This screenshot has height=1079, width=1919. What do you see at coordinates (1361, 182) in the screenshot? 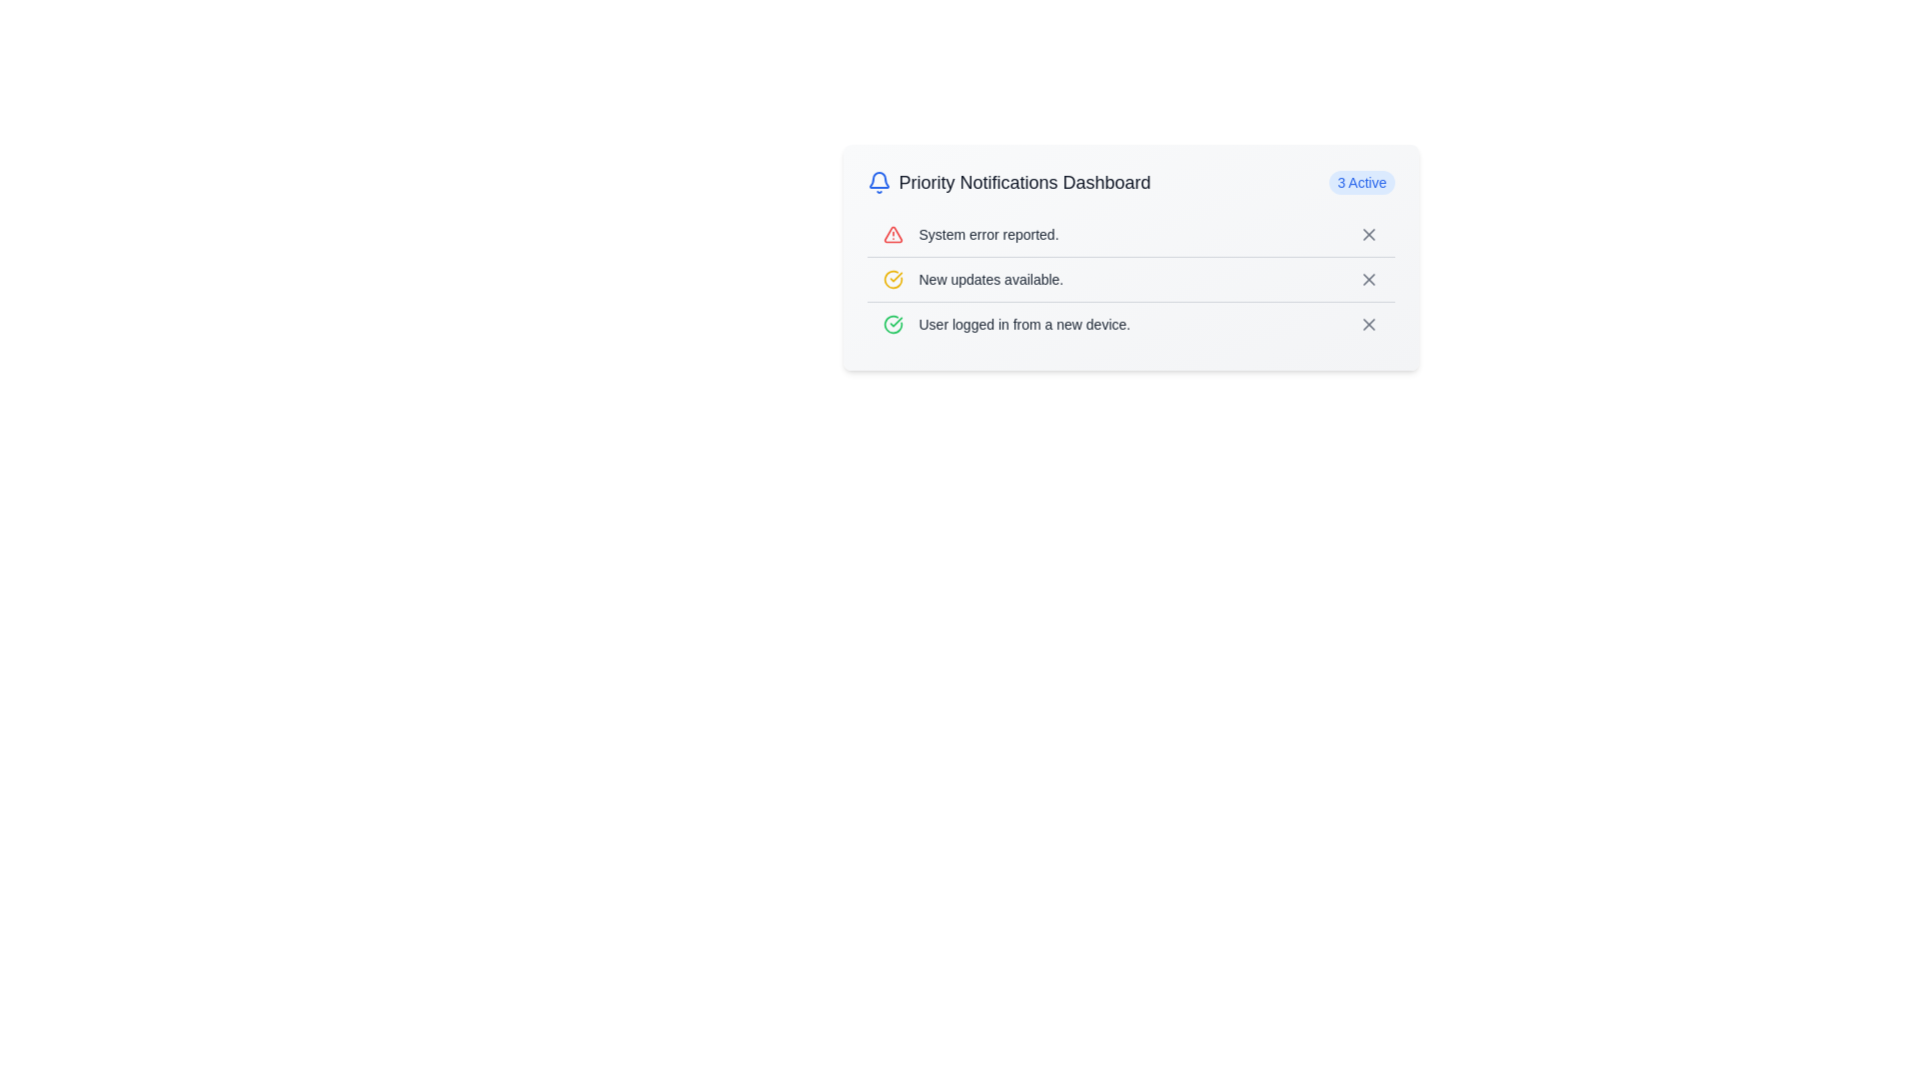
I see `the label displaying '3 Active' with a rounded blue border and light blue background, located on the right side of the 'Priority Notifications Dashboard'` at bounding box center [1361, 182].